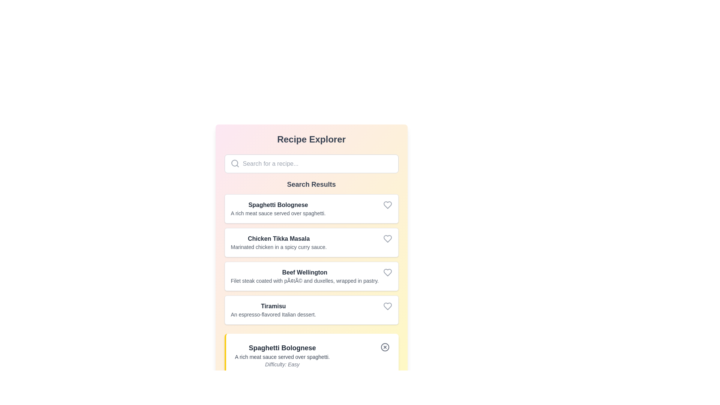 The width and height of the screenshot is (720, 405). What do you see at coordinates (278, 247) in the screenshot?
I see `content displayed within the text element located below the title 'Chicken Tikka Masala' in the second card, styled with a small font and light gray coloring` at bounding box center [278, 247].